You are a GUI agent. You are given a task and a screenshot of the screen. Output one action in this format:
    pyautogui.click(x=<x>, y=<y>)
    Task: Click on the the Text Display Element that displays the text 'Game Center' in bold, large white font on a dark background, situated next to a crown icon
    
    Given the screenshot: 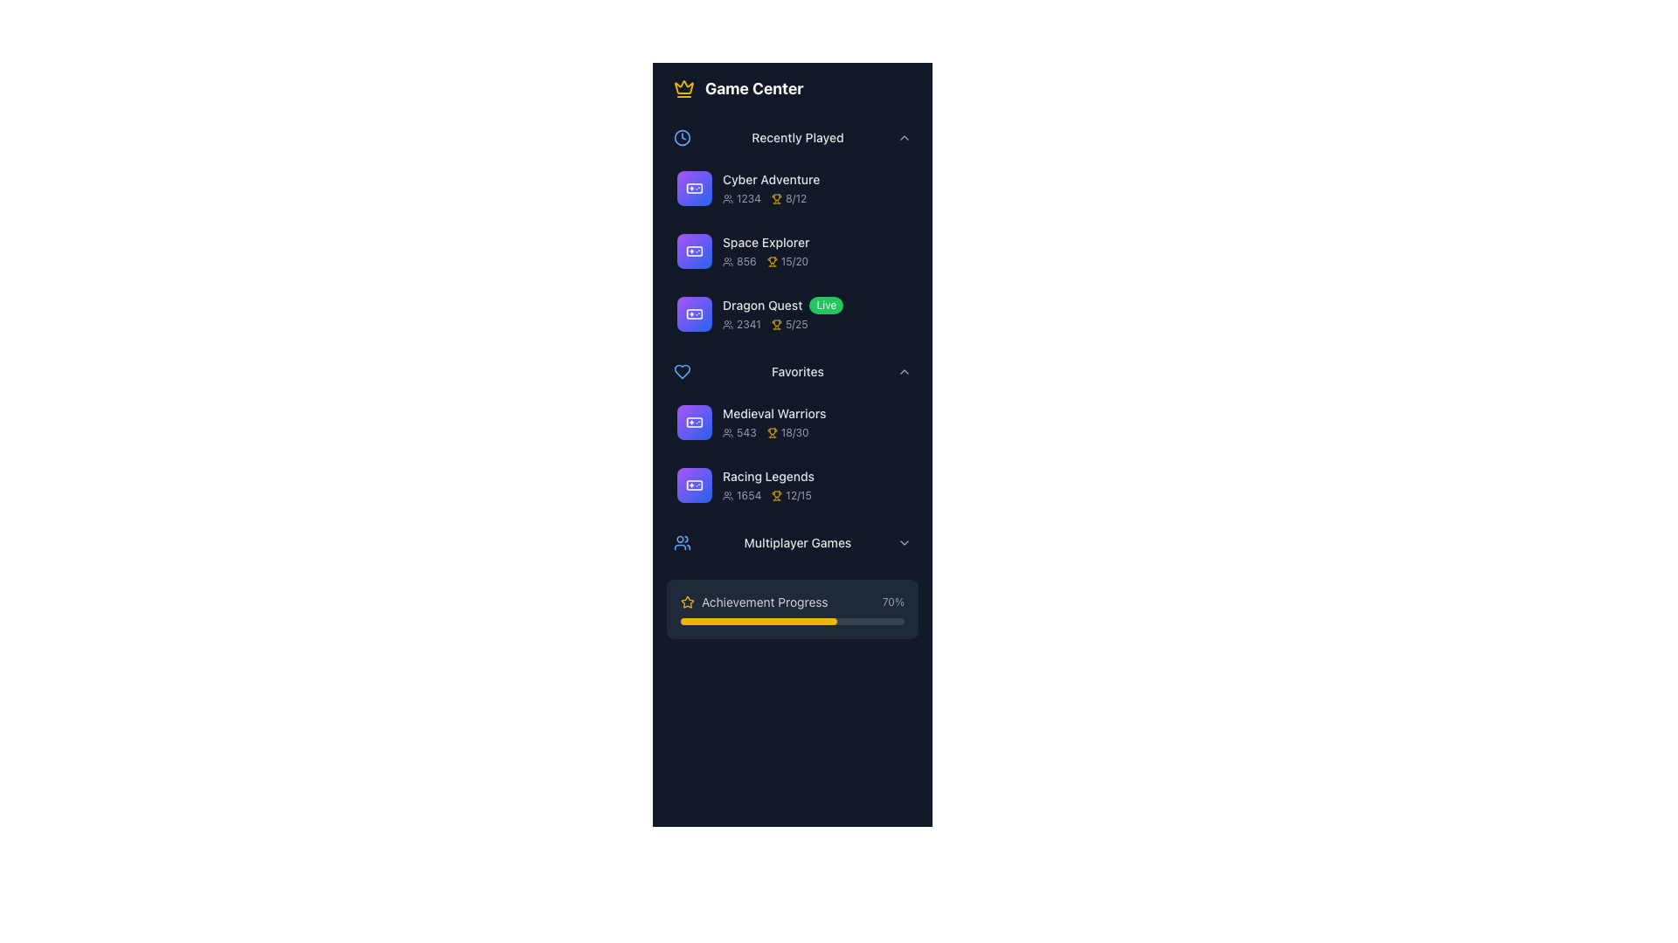 What is the action you would take?
    pyautogui.click(x=754, y=88)
    